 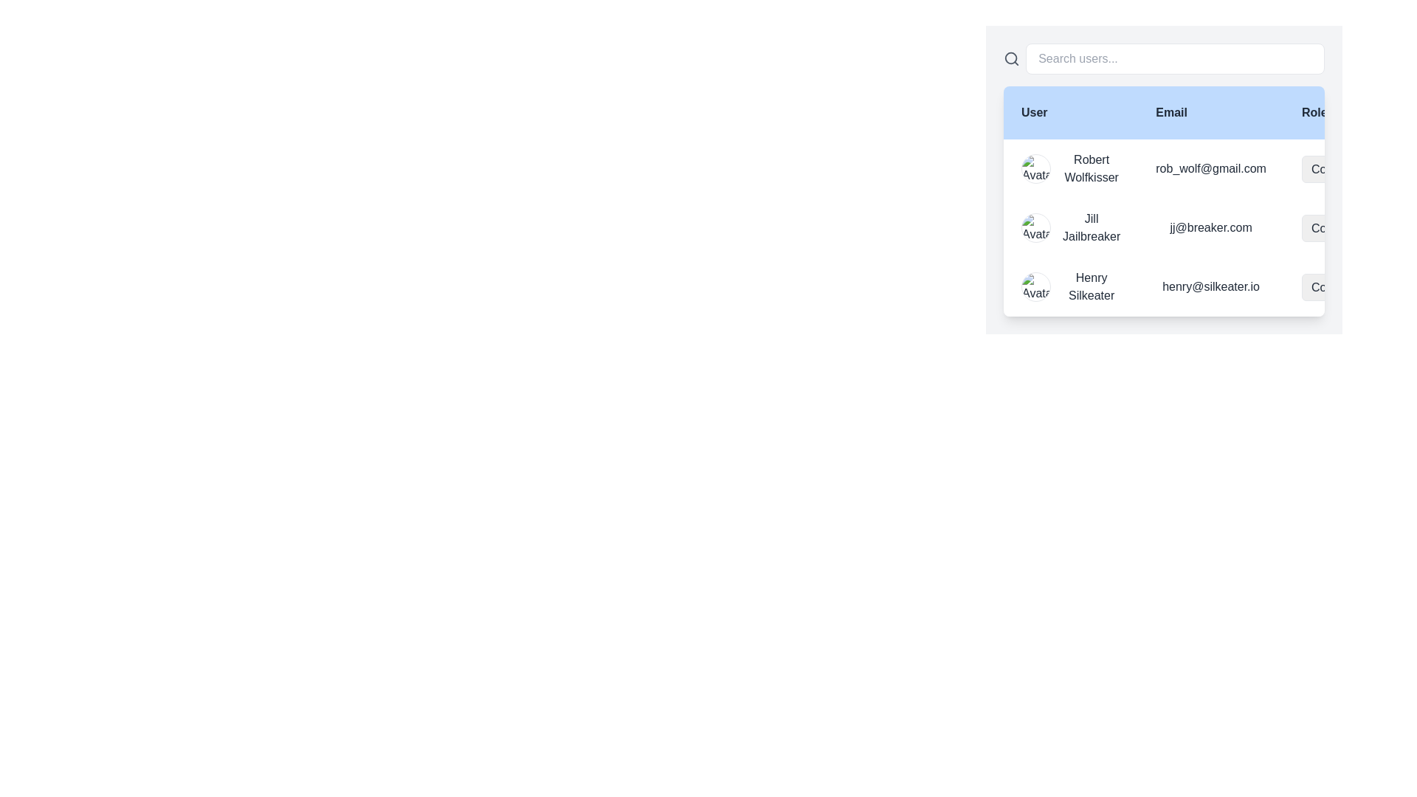 What do you see at coordinates (1348, 287) in the screenshot?
I see `the user role button located in the 'Role' column of the table` at bounding box center [1348, 287].